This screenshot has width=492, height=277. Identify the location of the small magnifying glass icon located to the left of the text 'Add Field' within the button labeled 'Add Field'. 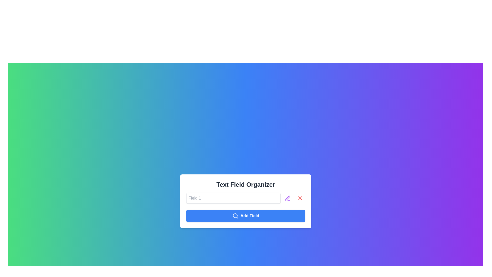
(235, 216).